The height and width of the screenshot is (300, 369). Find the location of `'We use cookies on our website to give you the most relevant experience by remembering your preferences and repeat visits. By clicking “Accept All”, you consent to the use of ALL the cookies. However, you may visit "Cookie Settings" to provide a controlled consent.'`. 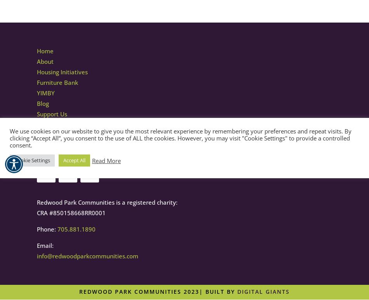

'We use cookies on our website to give you the most relevant experience by remembering your preferences and repeat visits. By clicking “Accept All”, you consent to the use of ALL the cookies. However, you may visit "Cookie Settings" to provide a controlled consent.' is located at coordinates (180, 137).